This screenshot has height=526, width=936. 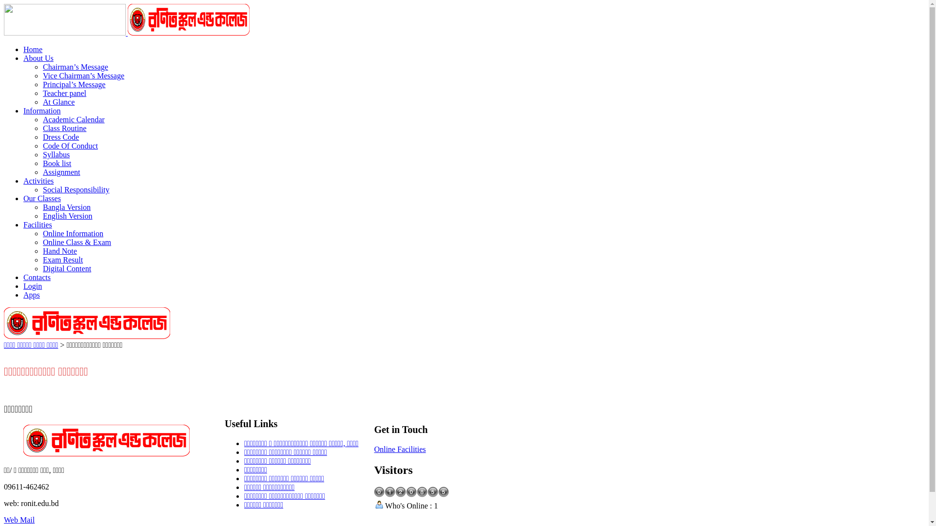 I want to click on 'Apps', so click(x=32, y=294).